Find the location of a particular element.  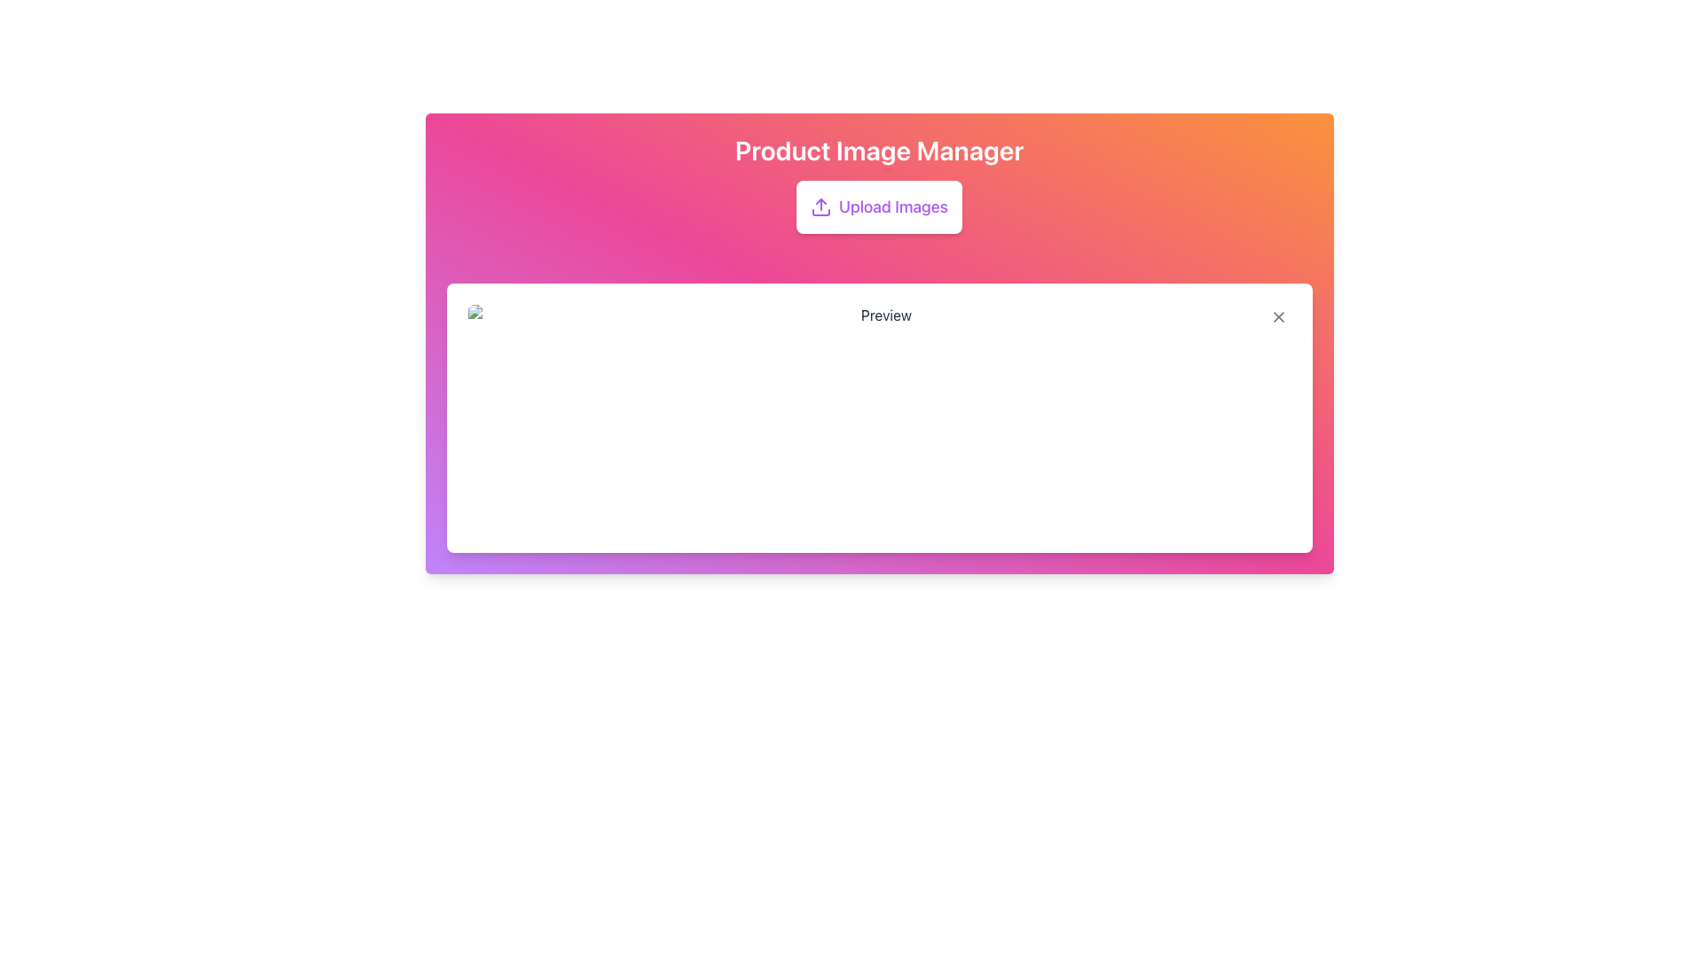

the large rectangular image placeholder labeled 'Preview' located in the center of a rounded, shadowed white card beneath the upload section is located at coordinates (879, 417).